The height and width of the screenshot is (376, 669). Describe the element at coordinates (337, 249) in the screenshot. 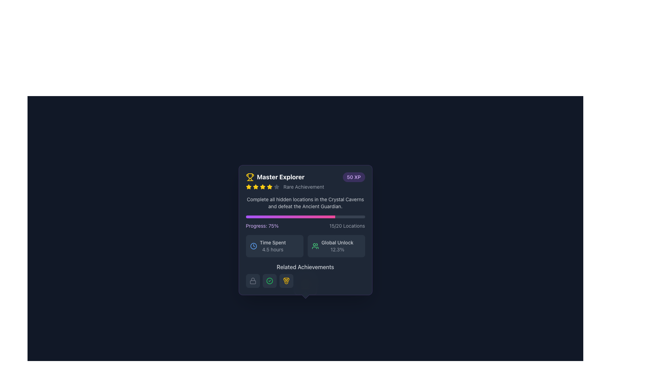

I see `the text label displaying '12.3%' which is styled with a small font size and gray color, located below the 'Global Unlock' text` at that location.